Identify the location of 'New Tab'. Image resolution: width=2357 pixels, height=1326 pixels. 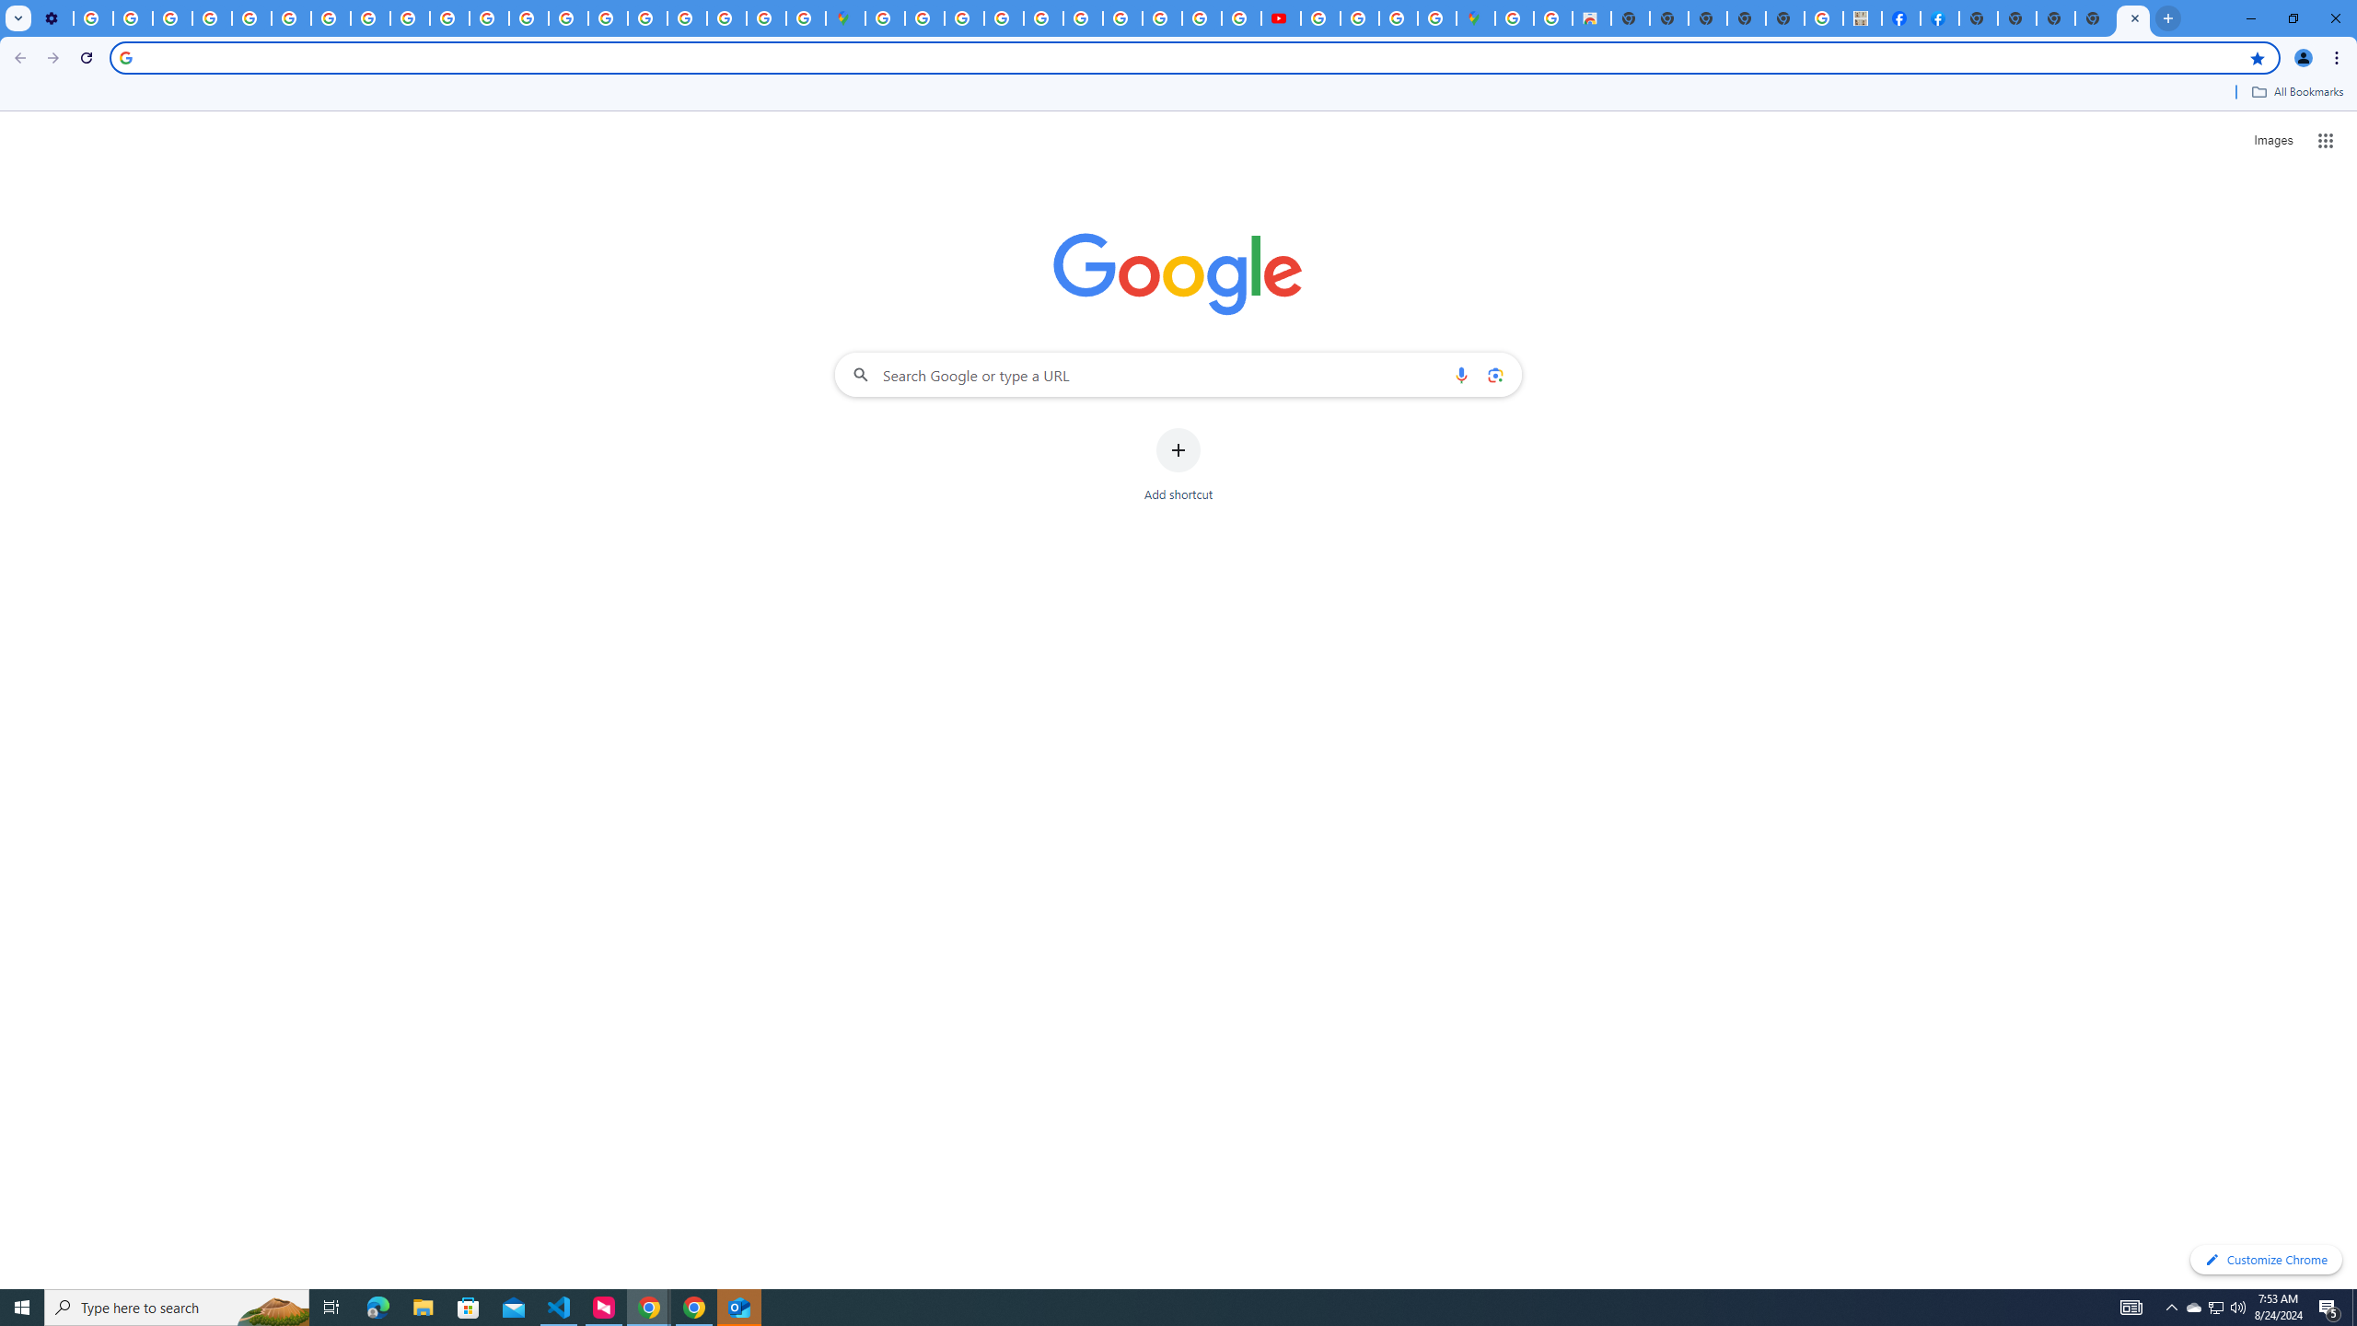
(2131, 17).